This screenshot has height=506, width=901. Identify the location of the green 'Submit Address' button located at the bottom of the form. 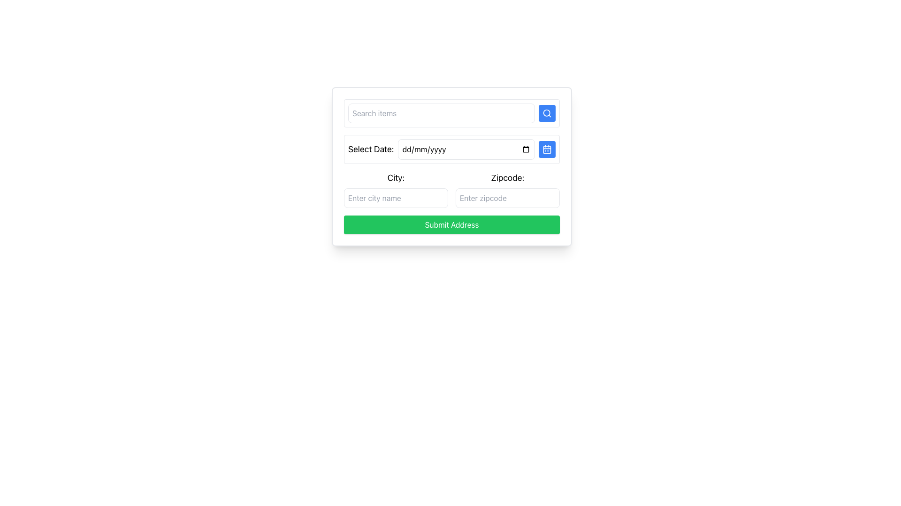
(452, 224).